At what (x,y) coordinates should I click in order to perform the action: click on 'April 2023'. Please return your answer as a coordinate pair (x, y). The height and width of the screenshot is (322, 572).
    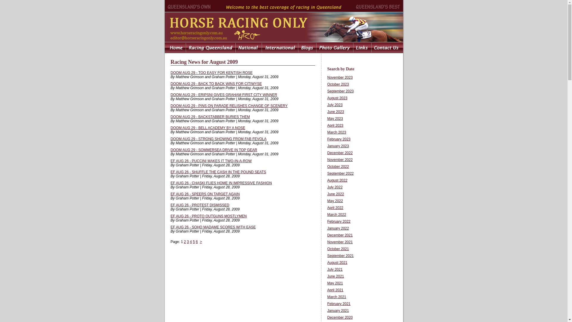
    Looking at the image, I should click on (335, 125).